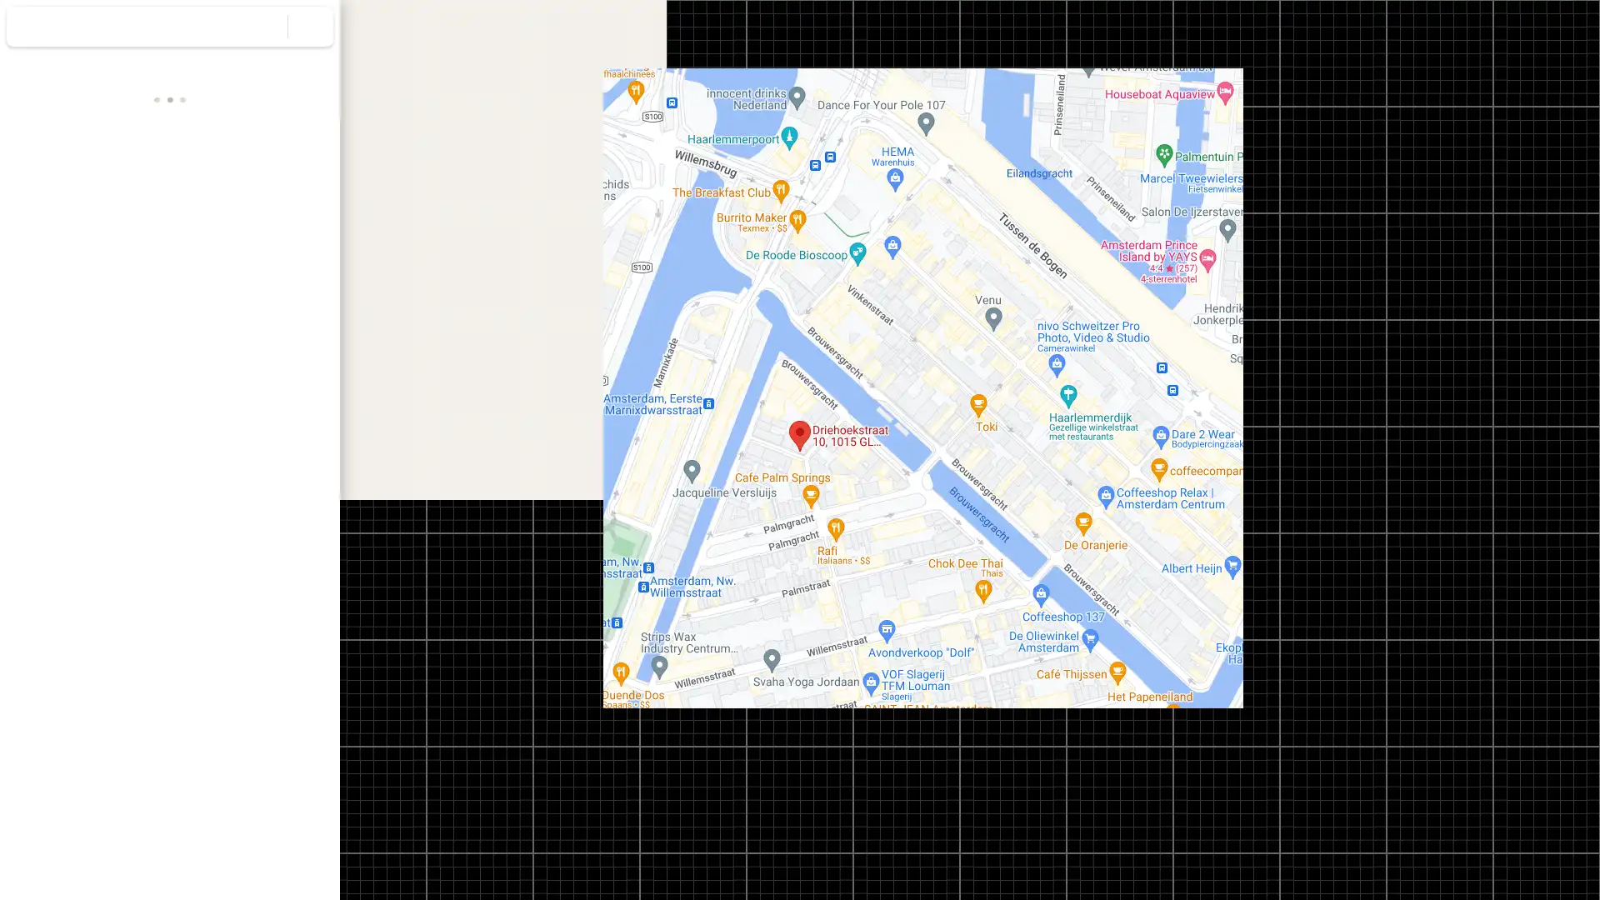 This screenshot has width=1600, height=900. Describe the element at coordinates (308, 385) in the screenshot. I see `Adres kopieren` at that location.